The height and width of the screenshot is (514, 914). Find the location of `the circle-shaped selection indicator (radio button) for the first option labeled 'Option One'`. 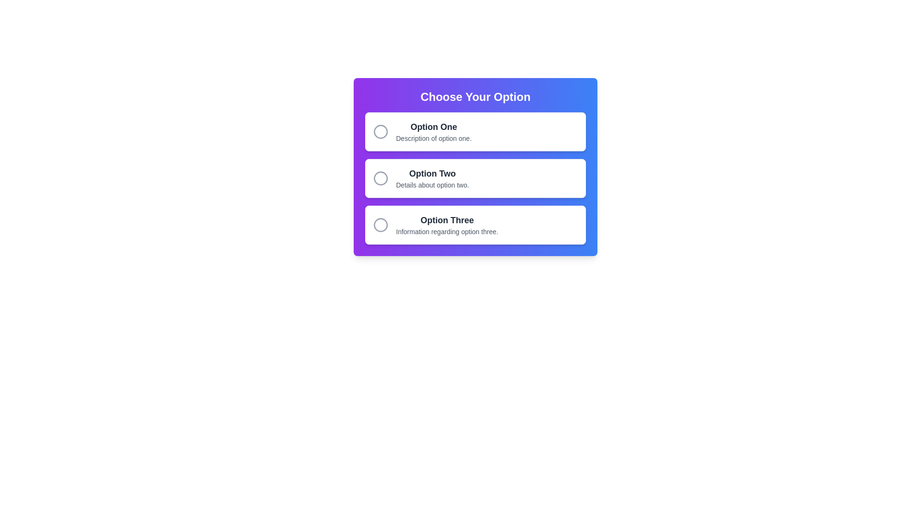

the circle-shaped selection indicator (radio button) for the first option labeled 'Option One' is located at coordinates (381, 132).